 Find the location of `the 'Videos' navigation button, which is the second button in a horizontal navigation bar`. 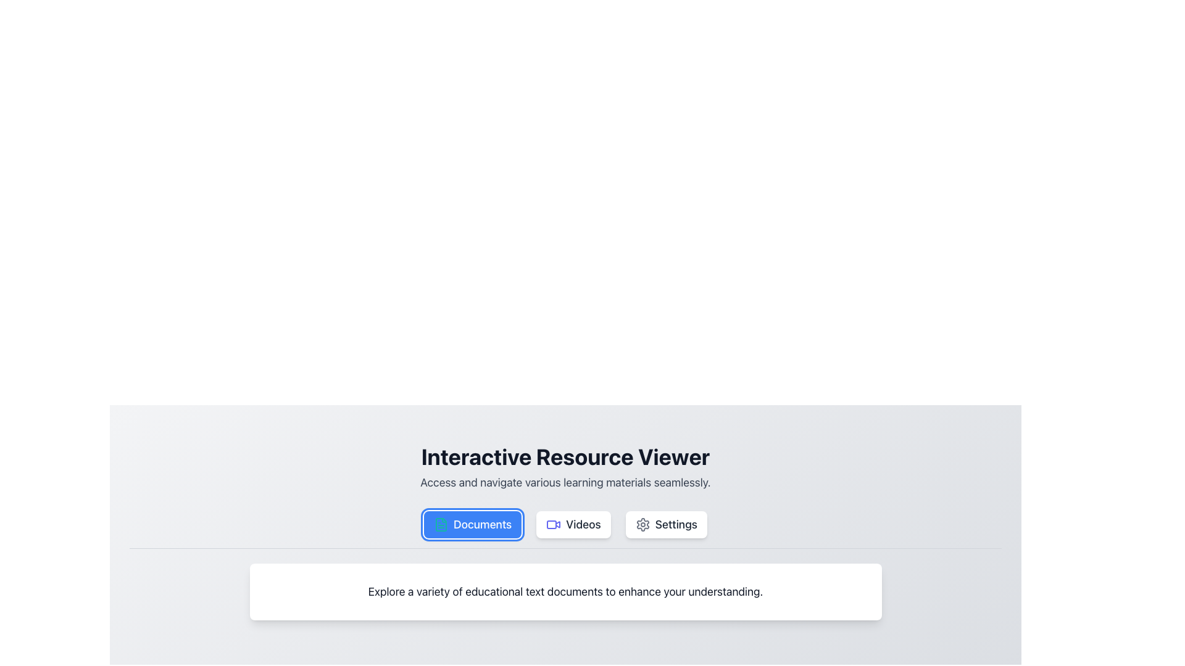

the 'Videos' navigation button, which is the second button in a horizontal navigation bar is located at coordinates (573, 525).